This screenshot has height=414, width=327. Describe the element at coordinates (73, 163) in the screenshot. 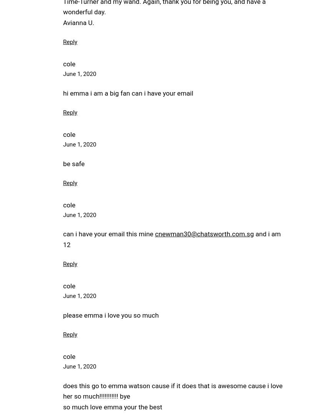

I see `'be safe'` at that location.